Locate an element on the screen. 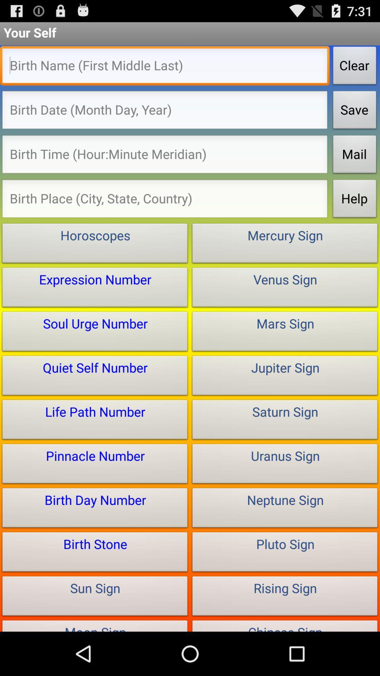  the box that reads the text mars sign is located at coordinates (285, 333).